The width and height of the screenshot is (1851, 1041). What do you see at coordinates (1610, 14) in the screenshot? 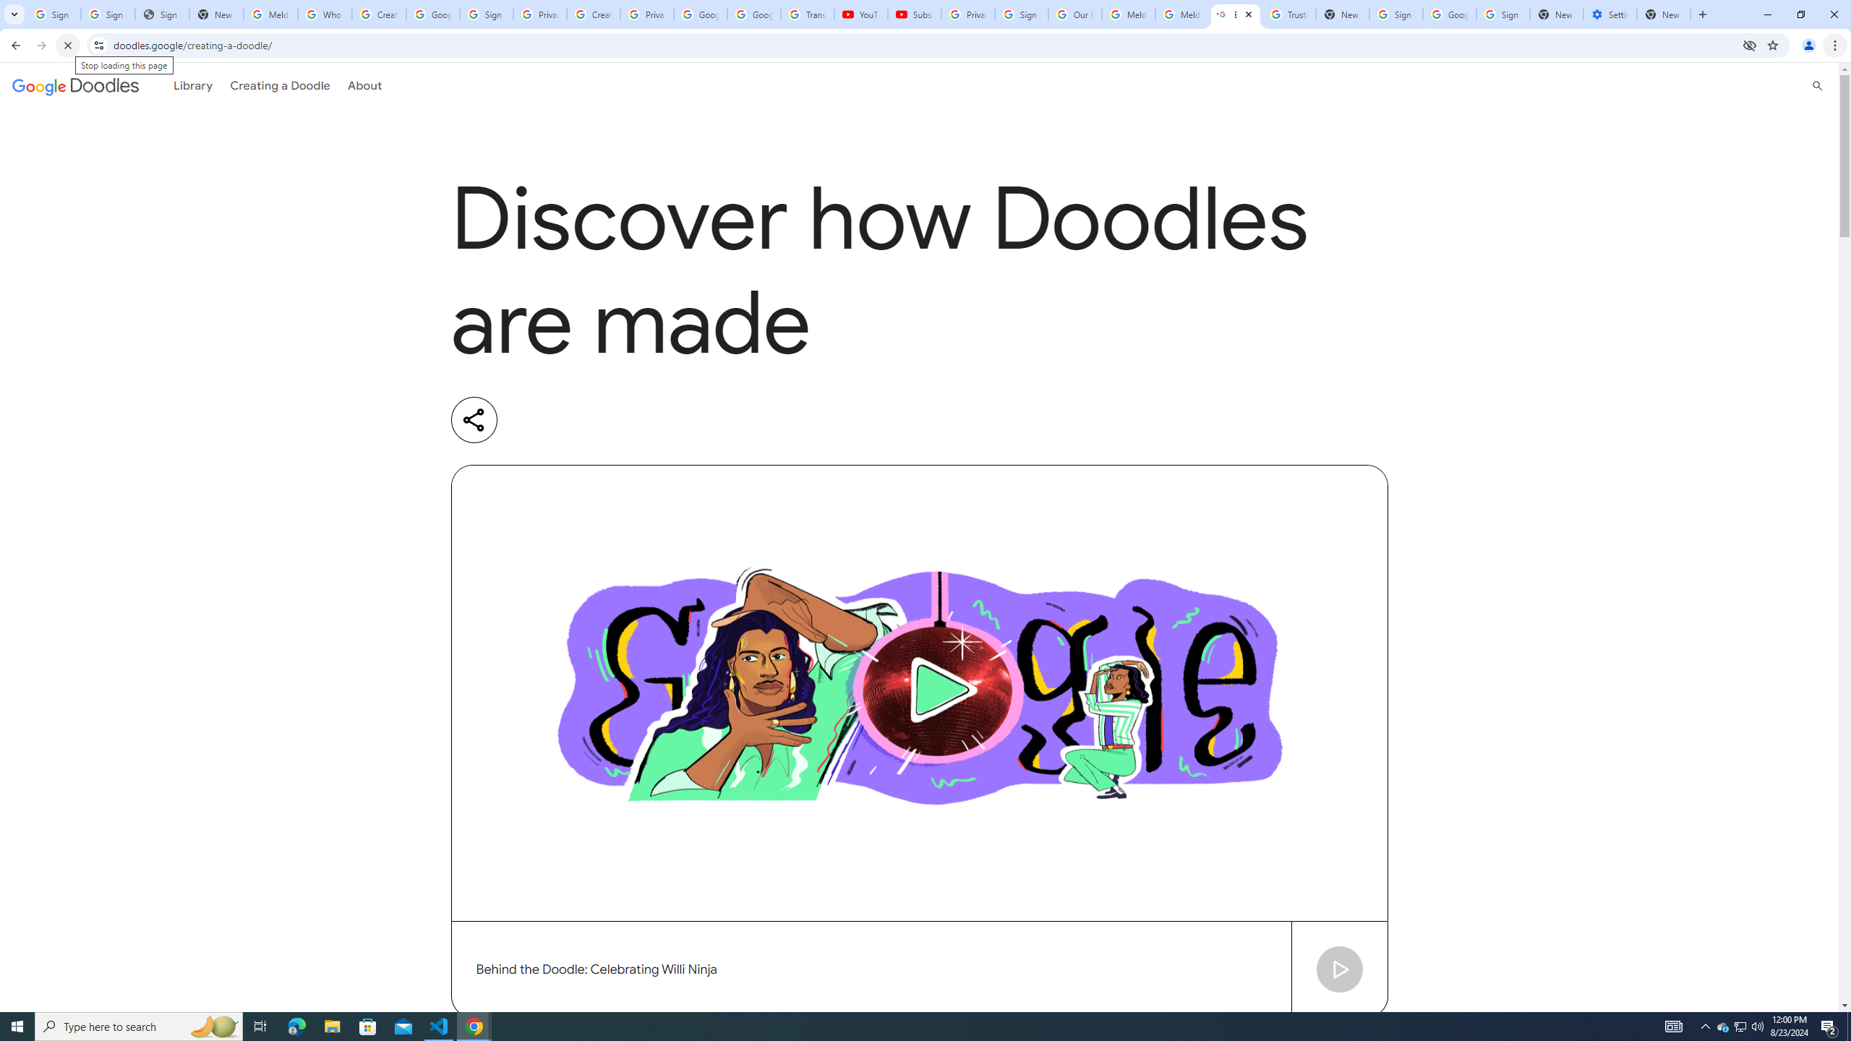
I see `'Settings - Addresses and more'` at bounding box center [1610, 14].